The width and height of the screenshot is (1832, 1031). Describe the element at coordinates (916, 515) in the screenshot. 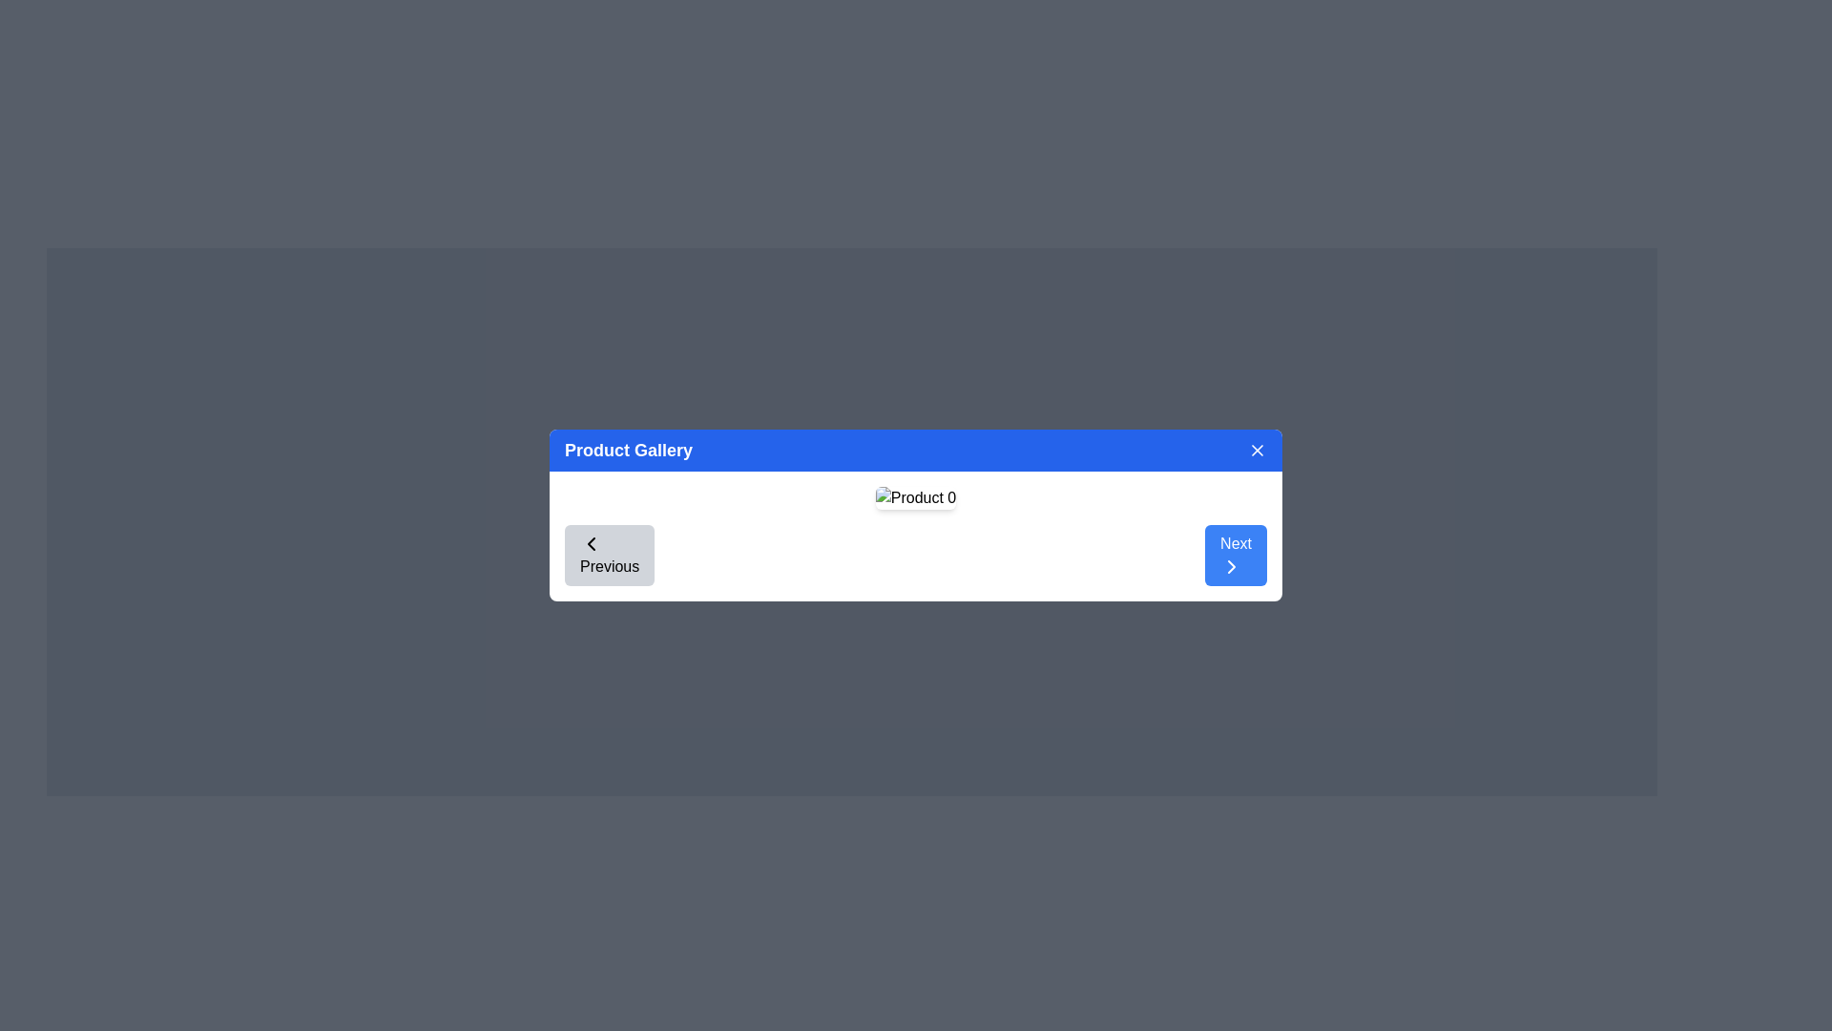

I see `the modal dialog displaying the product gallery to read the product information presented within it` at that location.